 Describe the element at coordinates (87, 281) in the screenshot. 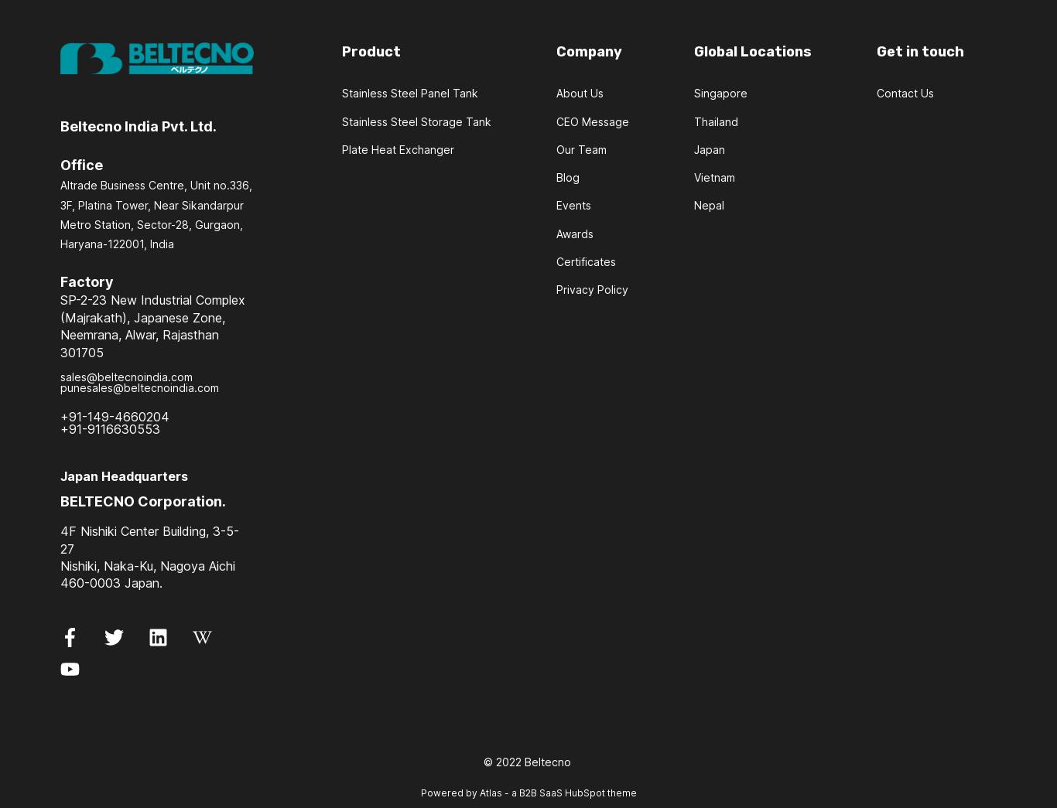

I see `'Factory'` at that location.